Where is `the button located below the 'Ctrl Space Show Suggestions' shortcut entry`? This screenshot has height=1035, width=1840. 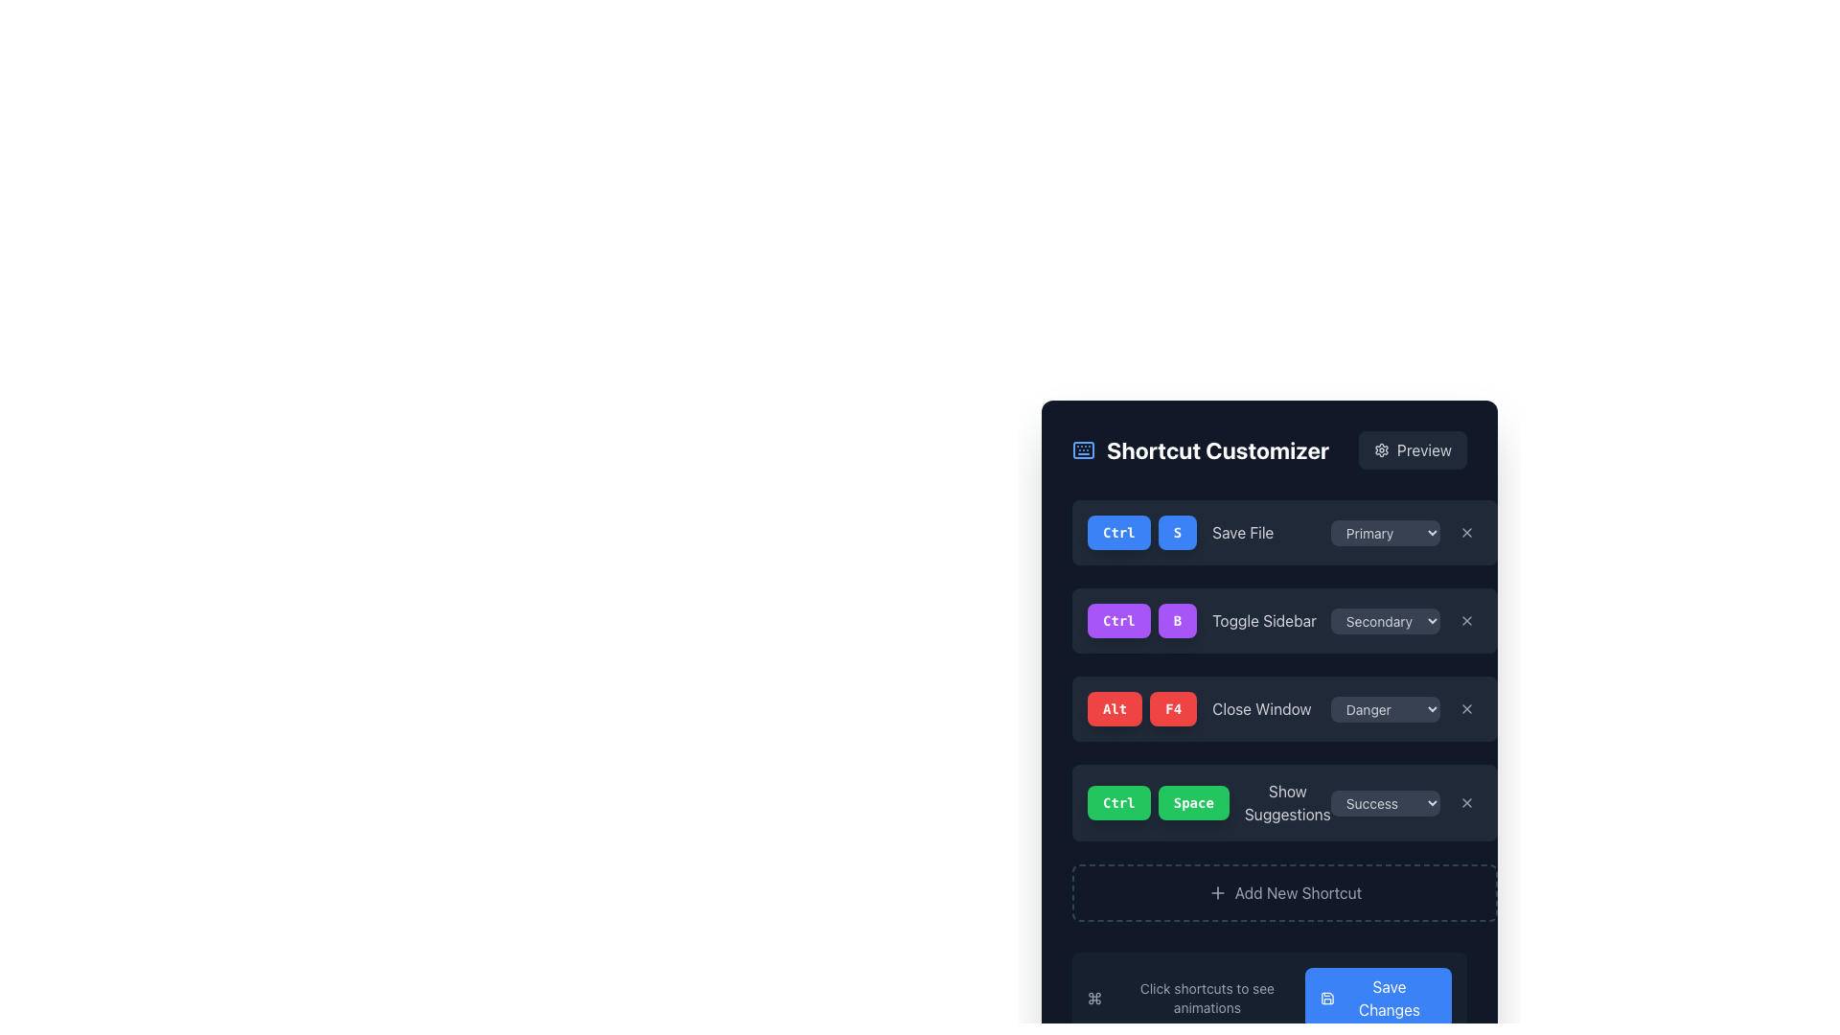
the button located below the 'Ctrl Space Show Suggestions' shortcut entry is located at coordinates (1284, 893).